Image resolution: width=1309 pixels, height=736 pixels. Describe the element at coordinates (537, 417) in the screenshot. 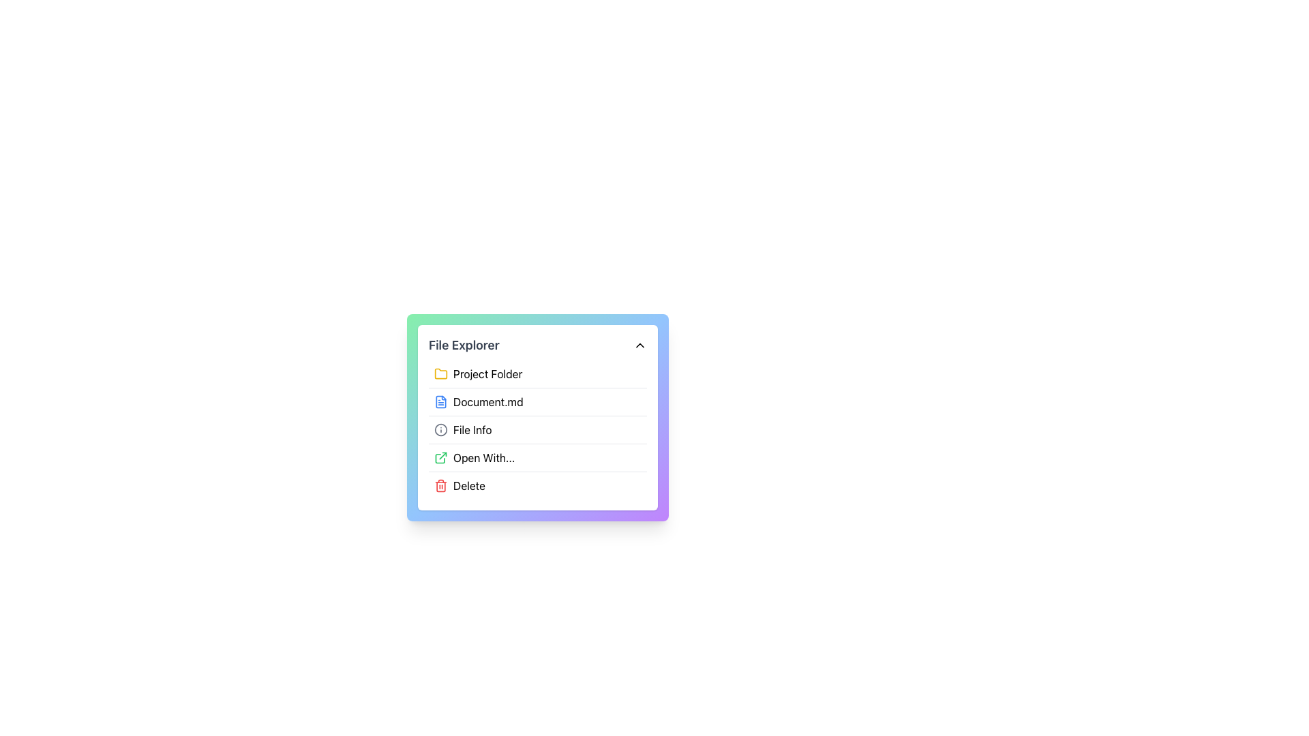

I see `the List item labeled 'Document.md'` at that location.